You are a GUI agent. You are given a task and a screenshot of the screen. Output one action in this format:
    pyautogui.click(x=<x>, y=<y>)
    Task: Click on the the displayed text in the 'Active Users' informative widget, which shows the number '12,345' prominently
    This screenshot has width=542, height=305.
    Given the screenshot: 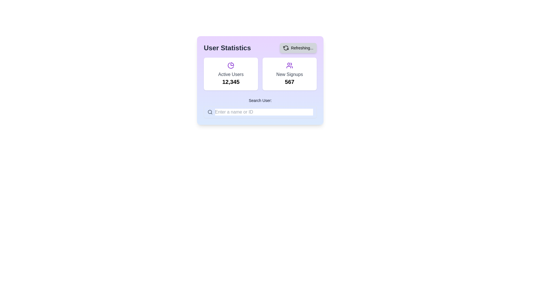 What is the action you would take?
    pyautogui.click(x=231, y=74)
    